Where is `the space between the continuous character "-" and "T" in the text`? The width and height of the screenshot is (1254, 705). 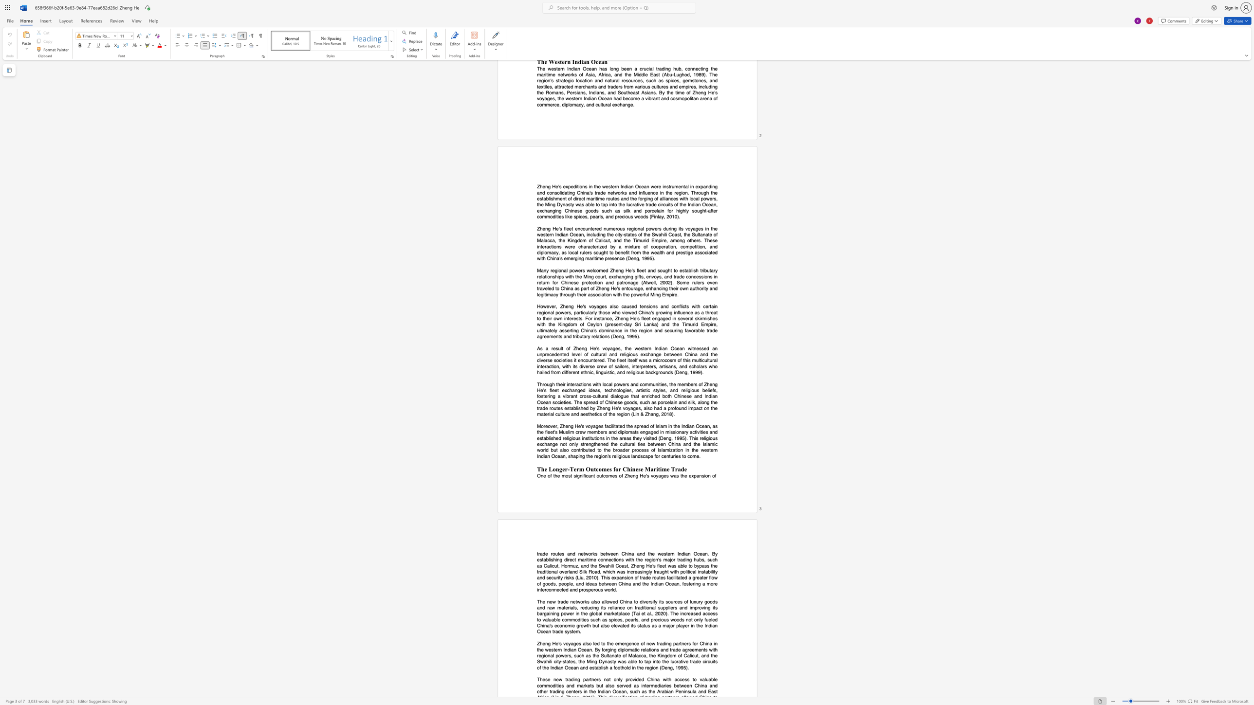
the space between the continuous character "-" and "T" in the text is located at coordinates (570, 469).